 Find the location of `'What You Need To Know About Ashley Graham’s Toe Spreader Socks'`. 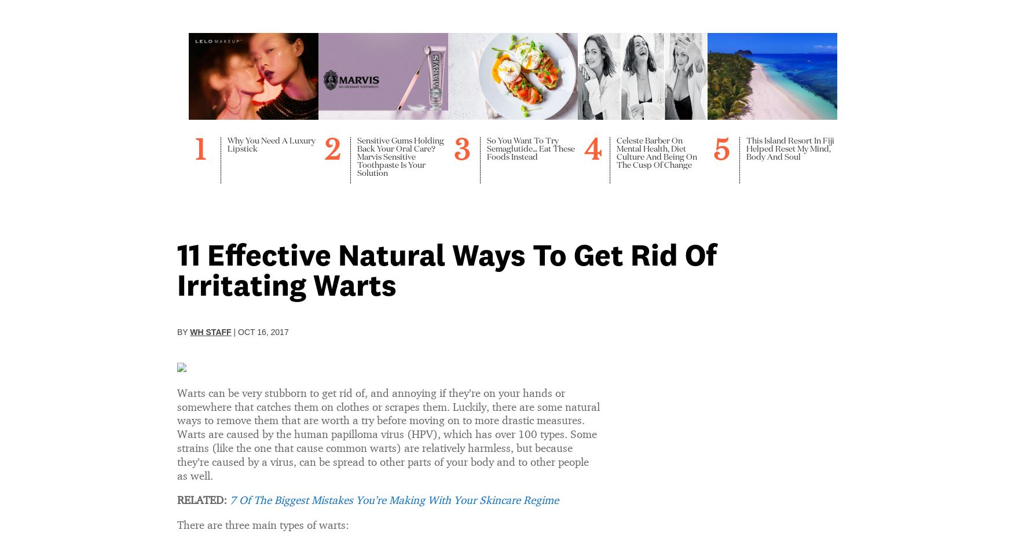

'What You Need To Know About Ashley Graham’s Toe Spreader Socks' is located at coordinates (411, 428).